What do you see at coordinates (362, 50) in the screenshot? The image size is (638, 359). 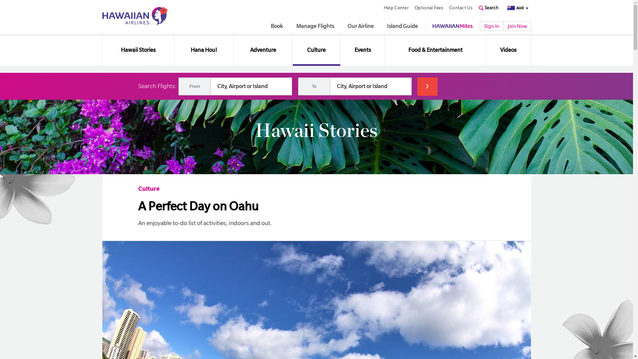 I see `'Events'` at bounding box center [362, 50].